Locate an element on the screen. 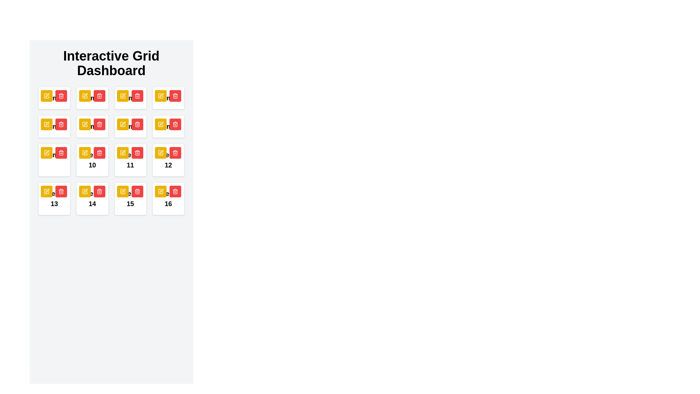 The height and width of the screenshot is (394, 700). the first yellow button in the top-right corner of the card labeled '9' is located at coordinates (85, 124).